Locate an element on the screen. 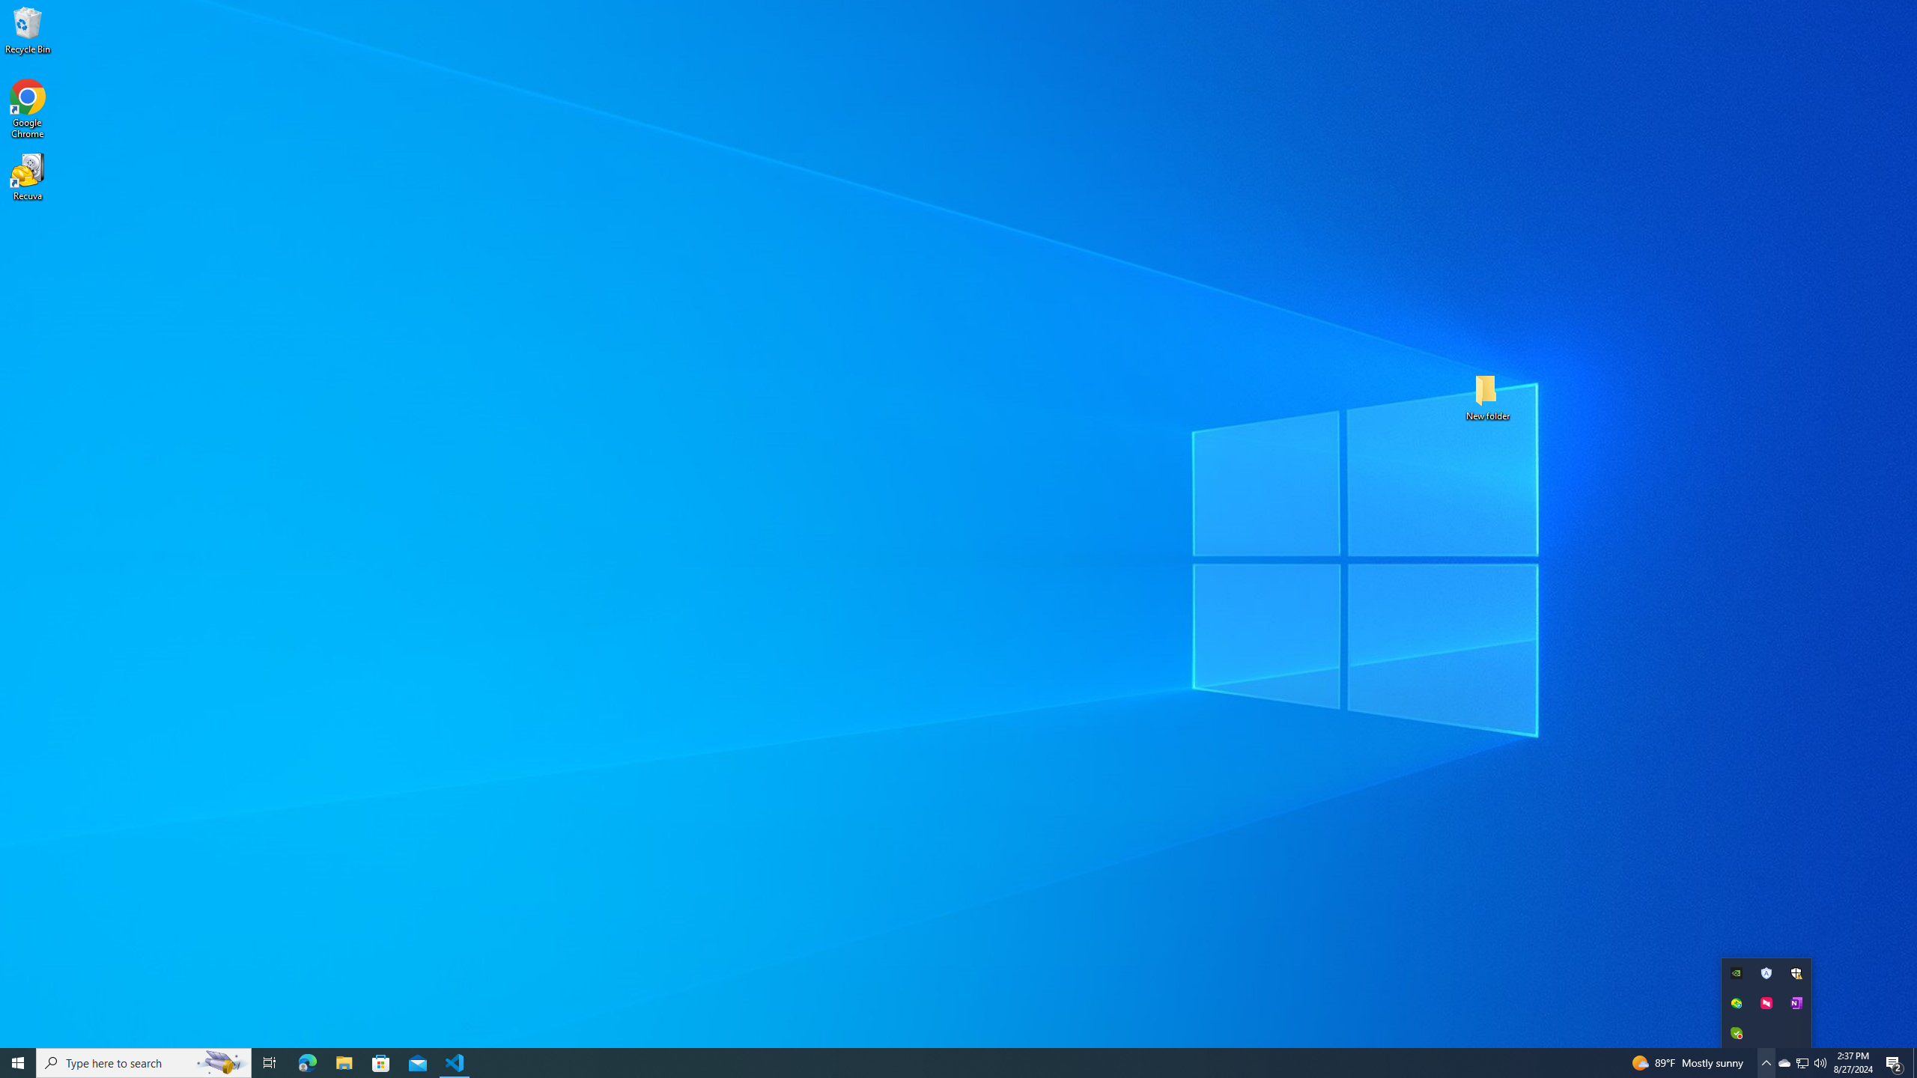 The image size is (1917, 1078). 'Windows Security - Actions recommended.' is located at coordinates (1795, 972).